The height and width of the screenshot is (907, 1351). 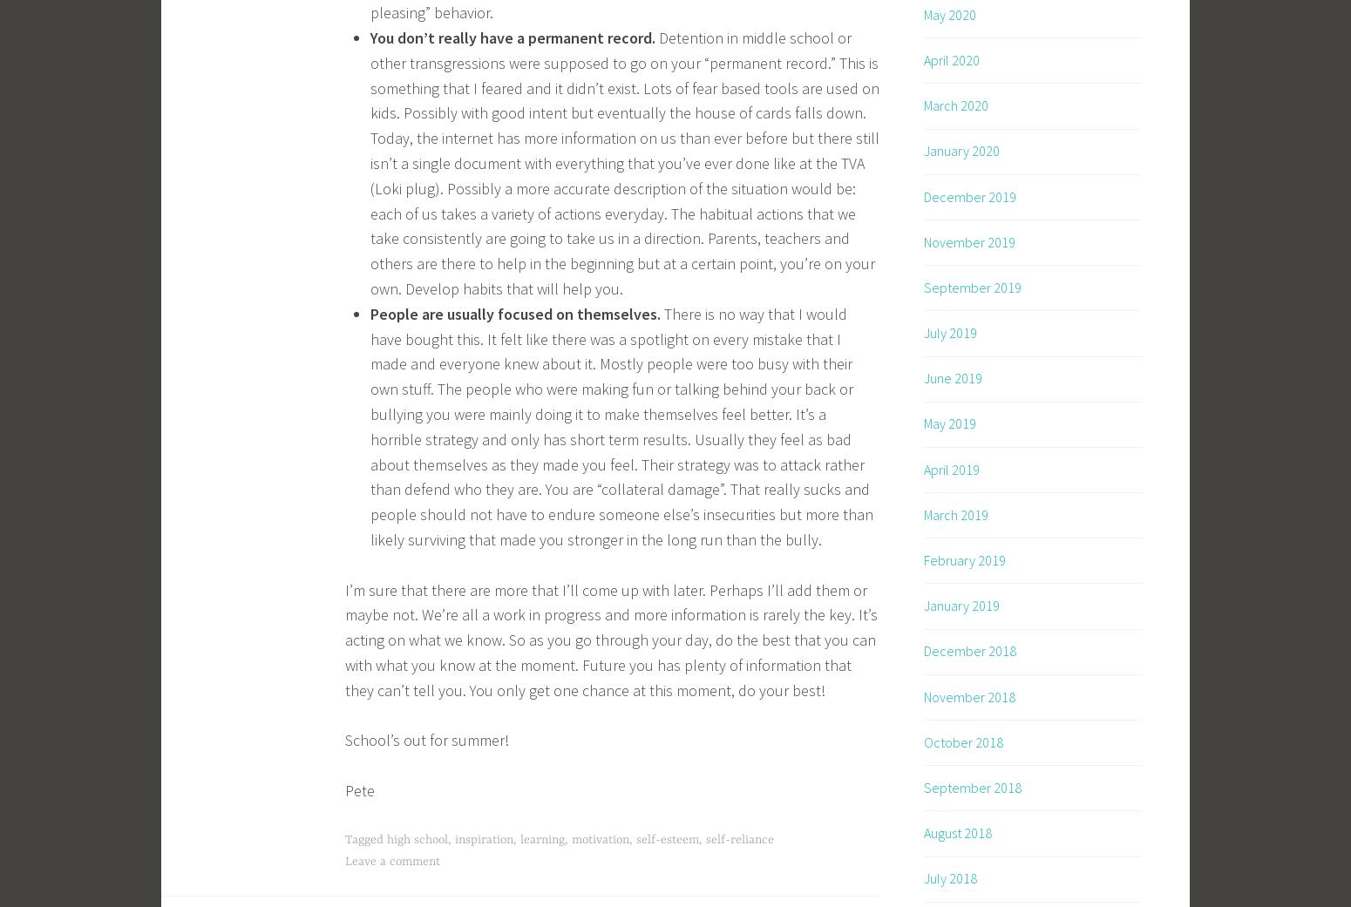 What do you see at coordinates (961, 604) in the screenshot?
I see `'January 2019'` at bounding box center [961, 604].